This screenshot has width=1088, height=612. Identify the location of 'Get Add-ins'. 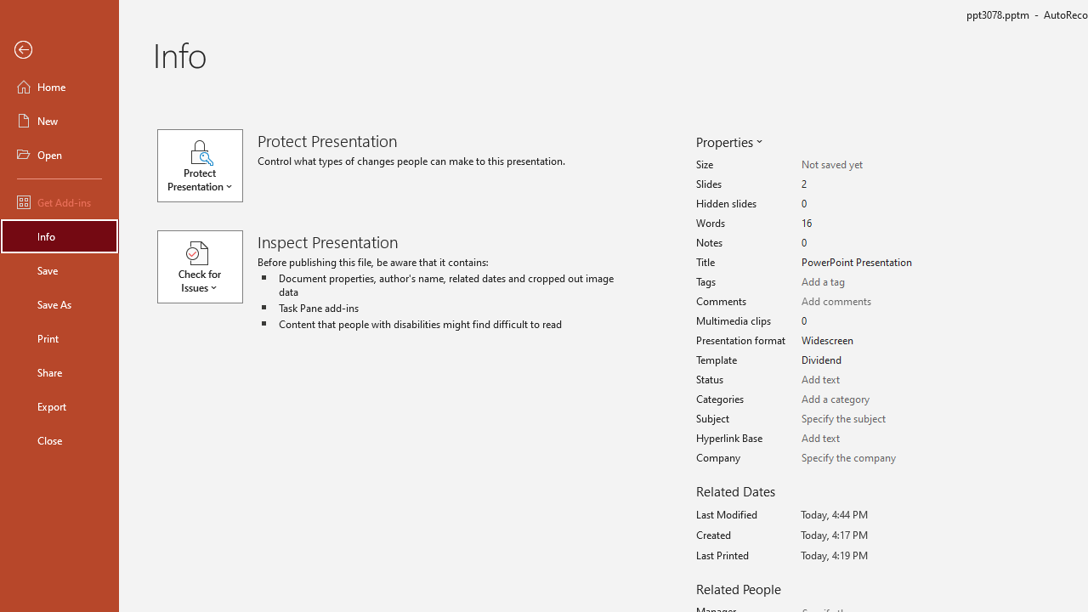
(59, 201).